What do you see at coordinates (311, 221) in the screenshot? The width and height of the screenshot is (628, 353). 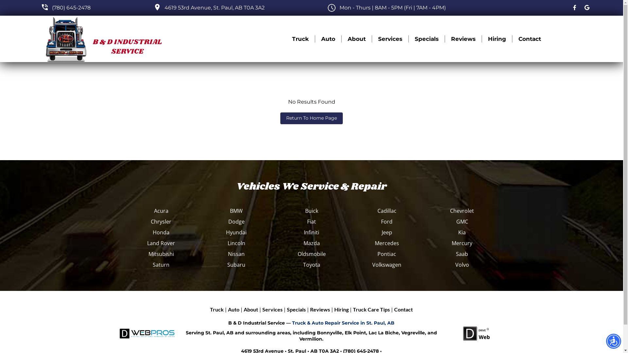 I see `'Fiat'` at bounding box center [311, 221].